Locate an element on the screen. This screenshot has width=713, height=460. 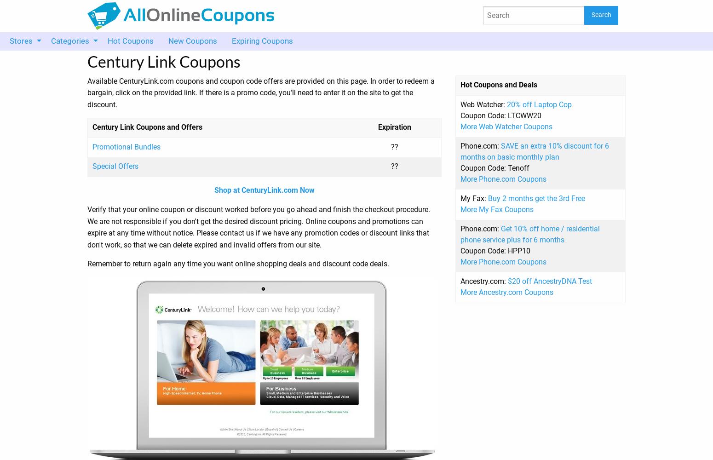
'Web Watcher:' is located at coordinates (483, 103).